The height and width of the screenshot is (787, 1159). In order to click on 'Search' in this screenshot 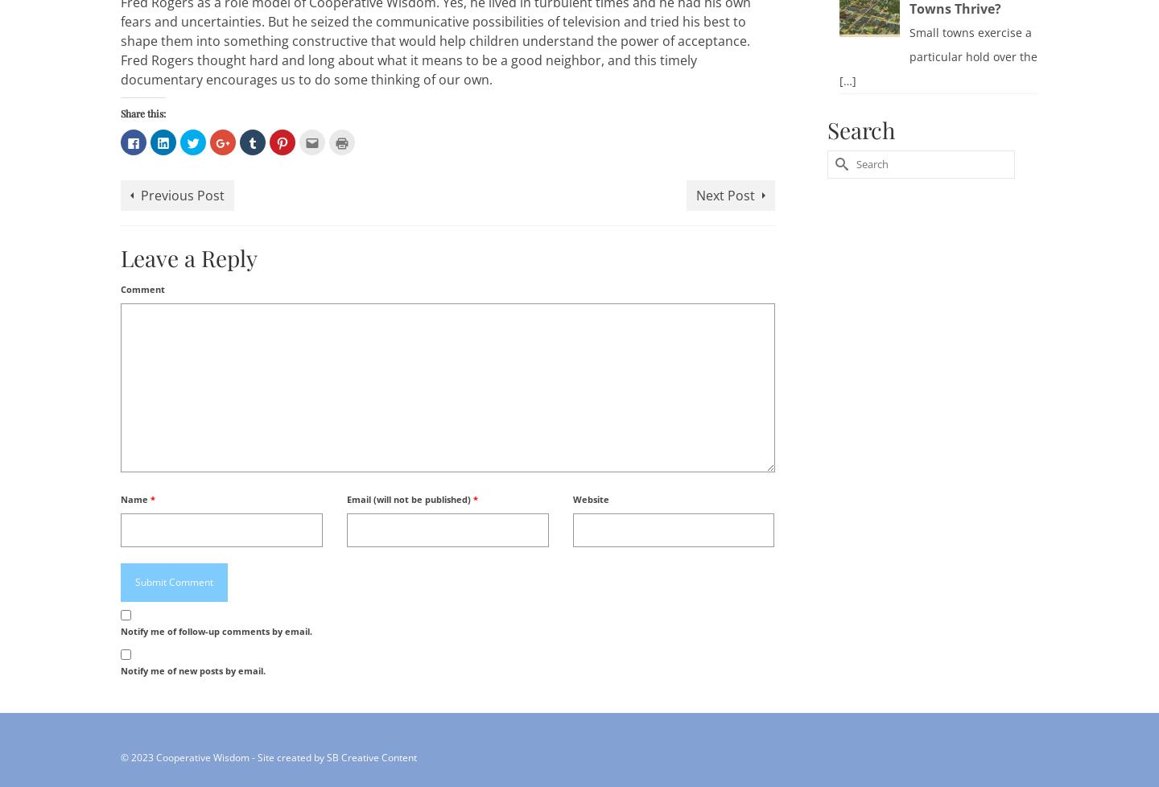, I will do `click(860, 129)`.